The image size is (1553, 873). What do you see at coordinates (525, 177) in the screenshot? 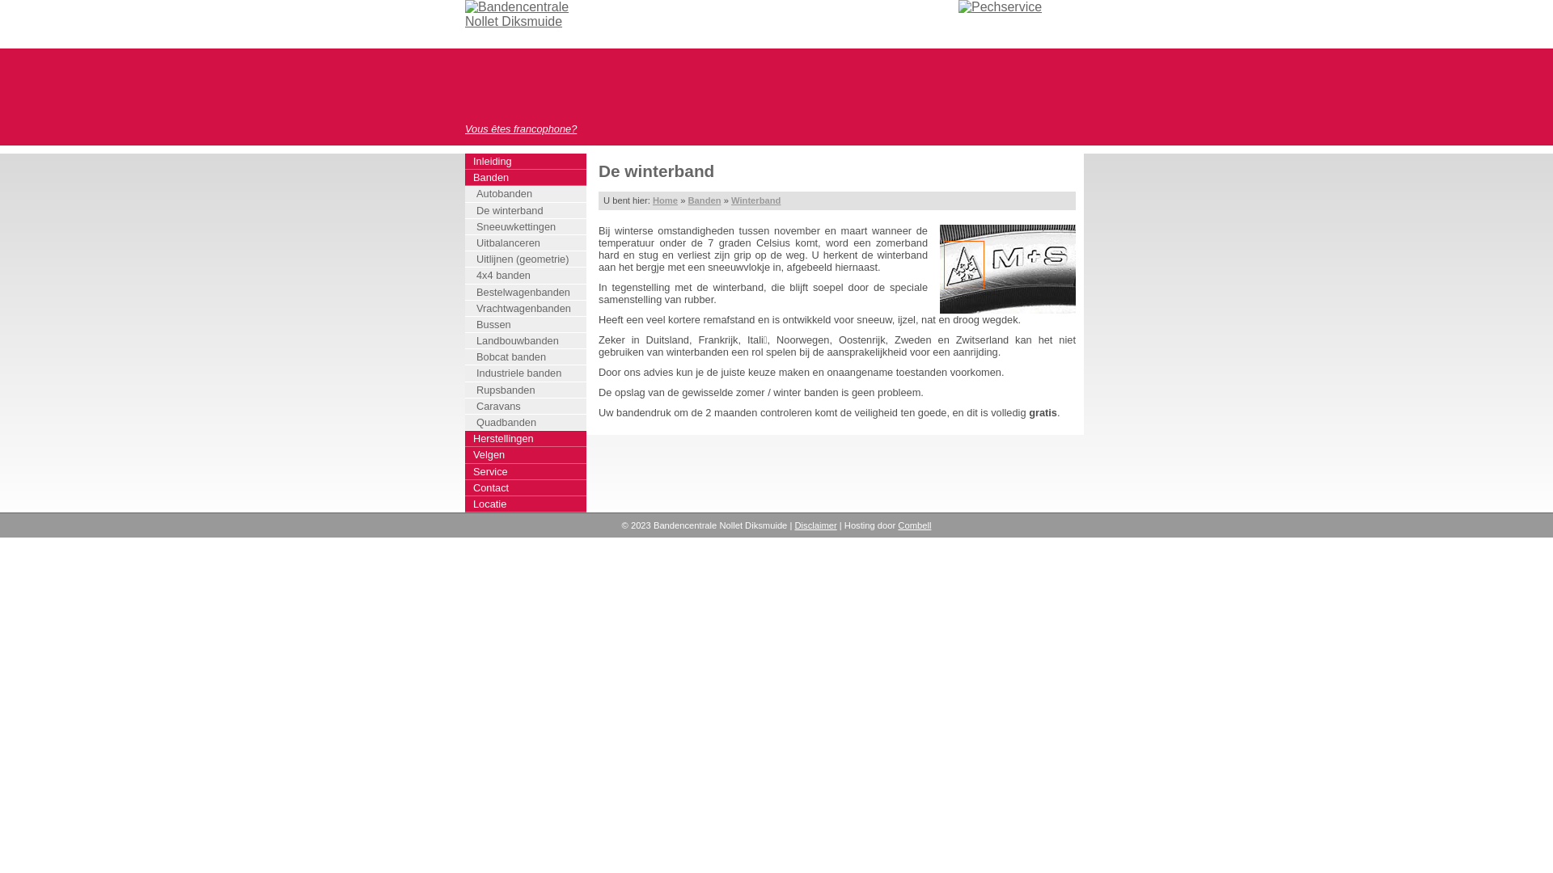
I see `'Banden'` at bounding box center [525, 177].